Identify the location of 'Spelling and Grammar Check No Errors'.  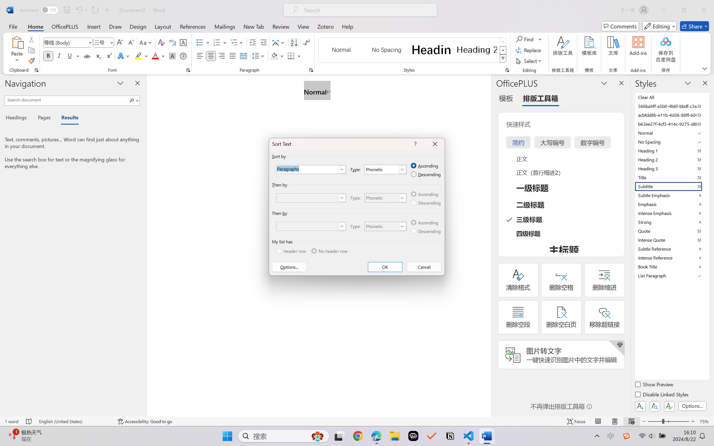
(29, 421).